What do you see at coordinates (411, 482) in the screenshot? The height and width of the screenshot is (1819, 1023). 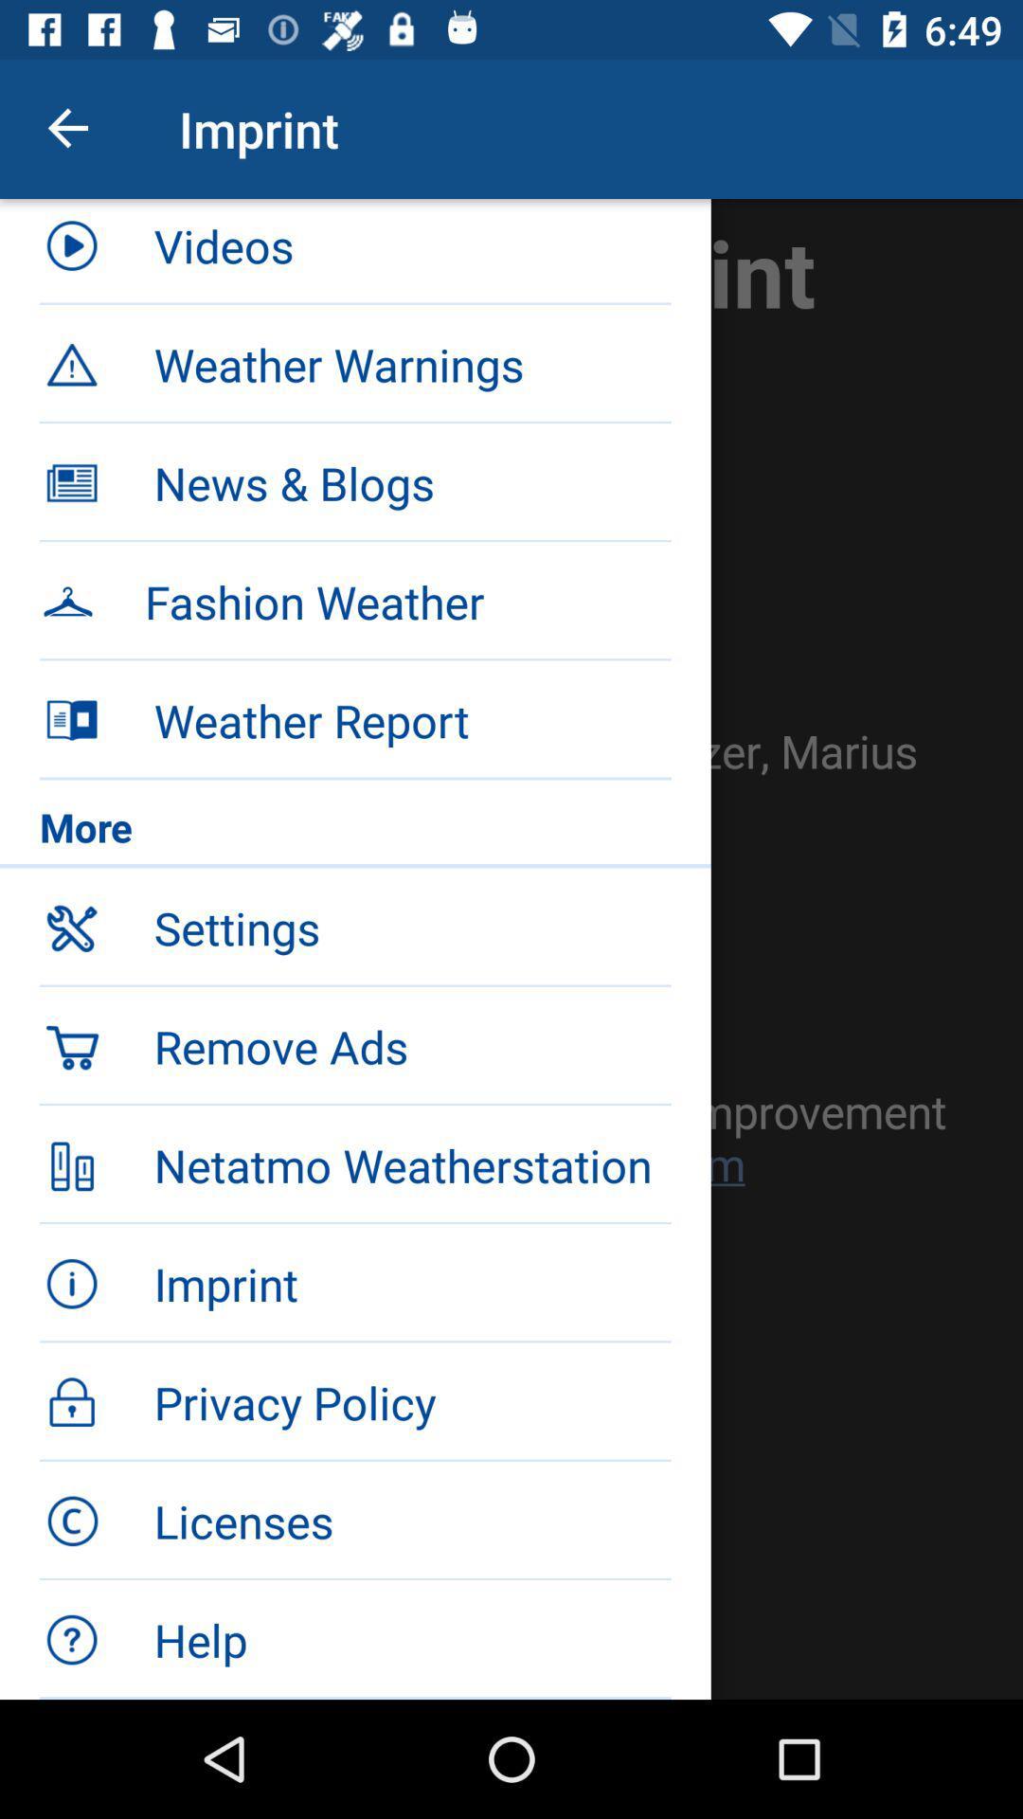 I see `news & blogs` at bounding box center [411, 482].